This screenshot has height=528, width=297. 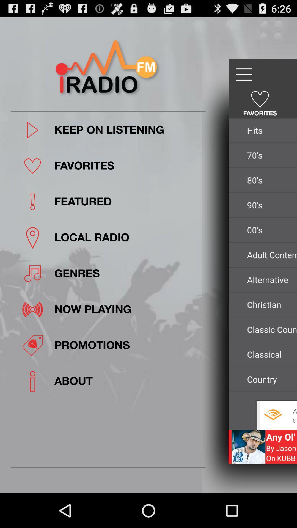 I want to click on the app below adult contemporary icon, so click(x=270, y=280).